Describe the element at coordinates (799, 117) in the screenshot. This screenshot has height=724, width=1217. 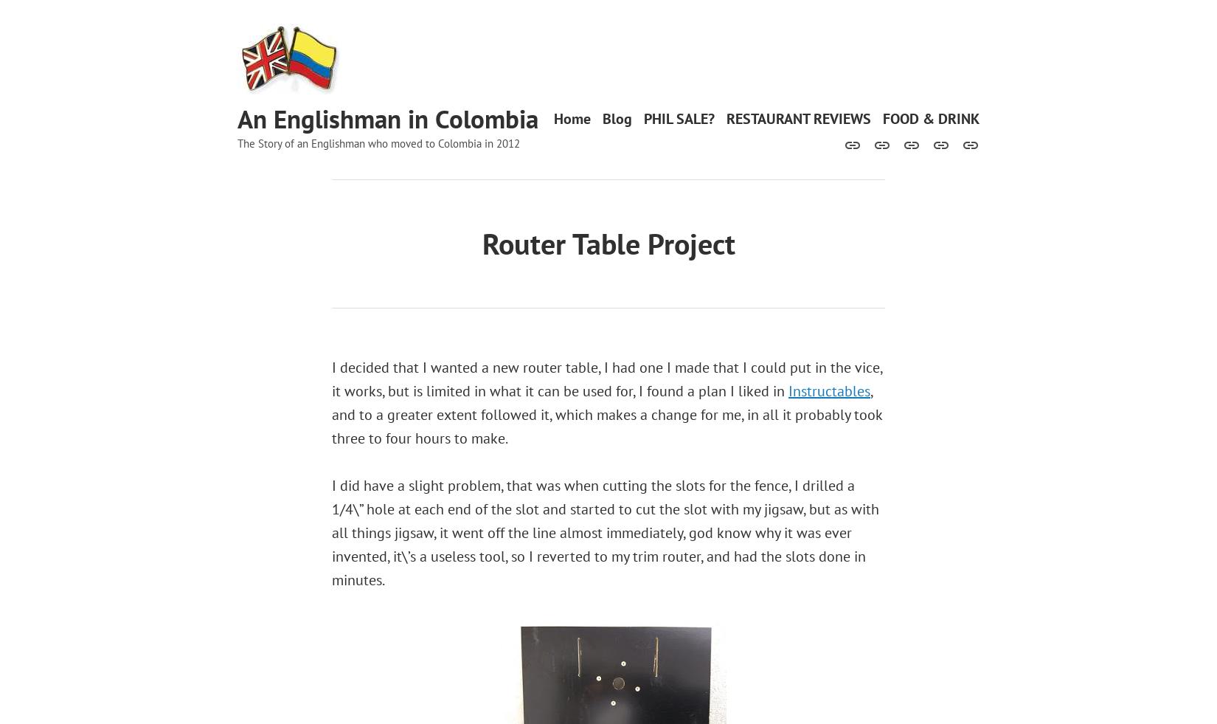
I see `'RESTAURANT REVIEWS'` at that location.